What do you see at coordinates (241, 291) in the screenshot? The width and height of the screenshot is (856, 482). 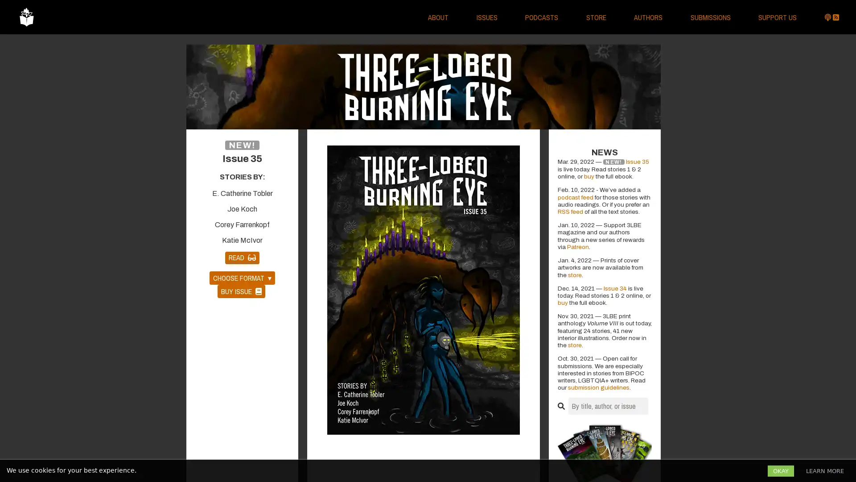 I see `BUY ISSUE` at bounding box center [241, 291].